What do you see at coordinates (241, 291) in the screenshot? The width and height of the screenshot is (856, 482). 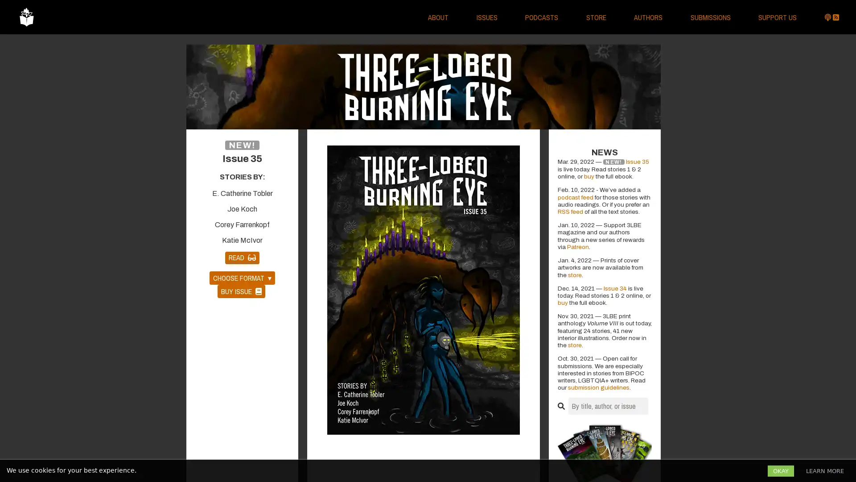 I see `BUY ISSUE` at bounding box center [241, 291].